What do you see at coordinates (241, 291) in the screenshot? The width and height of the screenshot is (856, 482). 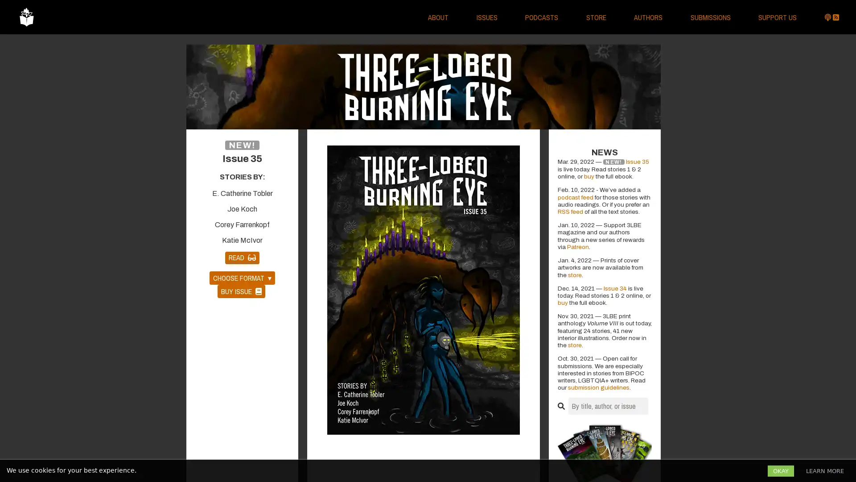 I see `BUY ISSUE` at bounding box center [241, 291].